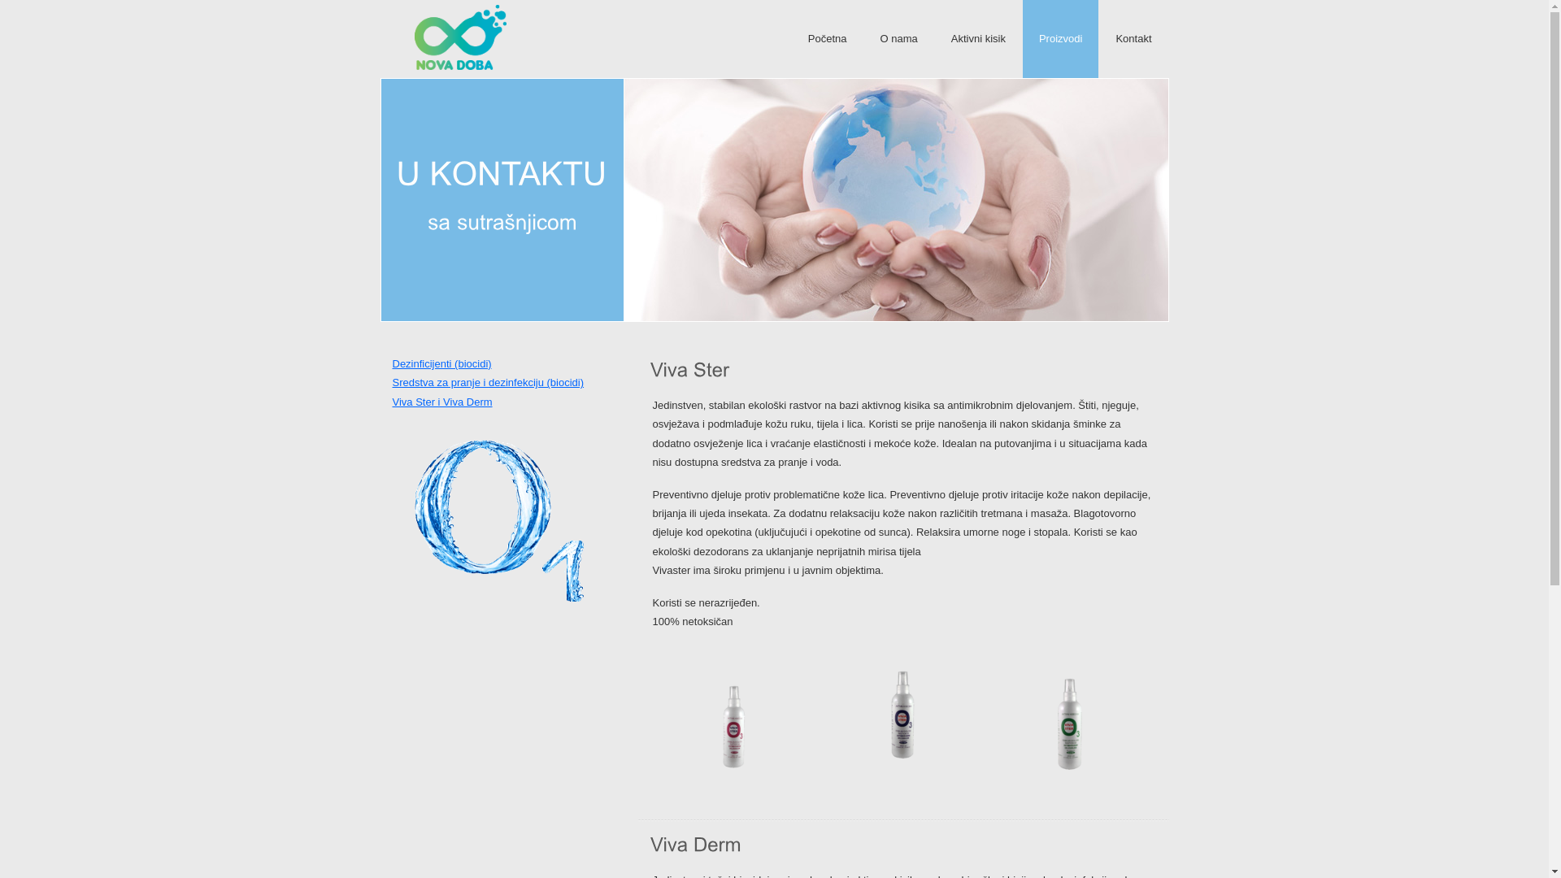 The image size is (1561, 878). Describe the element at coordinates (487, 382) in the screenshot. I see `'Sredstva za pranje i dezinfekciju (biocidi)'` at that location.